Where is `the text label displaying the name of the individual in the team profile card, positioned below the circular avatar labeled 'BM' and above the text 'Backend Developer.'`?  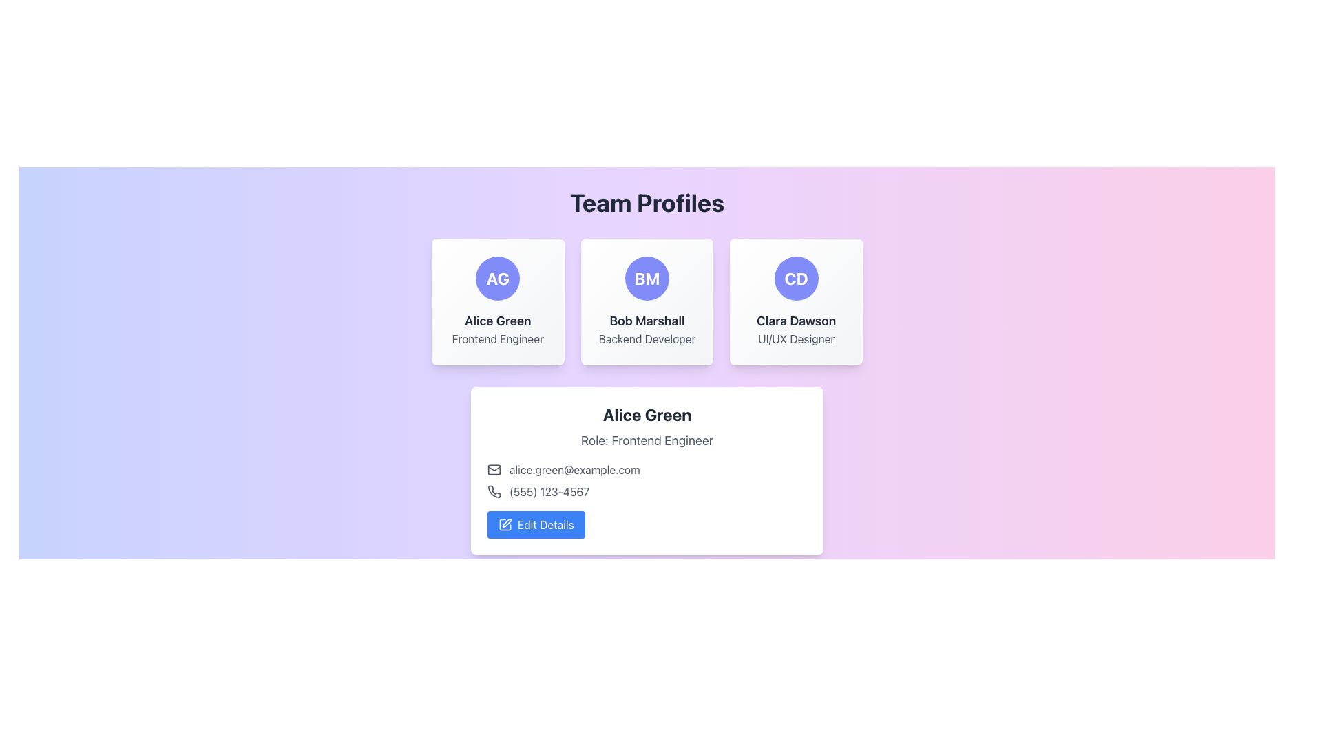
the text label displaying the name of the individual in the team profile card, positioned below the circular avatar labeled 'BM' and above the text 'Backend Developer.' is located at coordinates (647, 321).